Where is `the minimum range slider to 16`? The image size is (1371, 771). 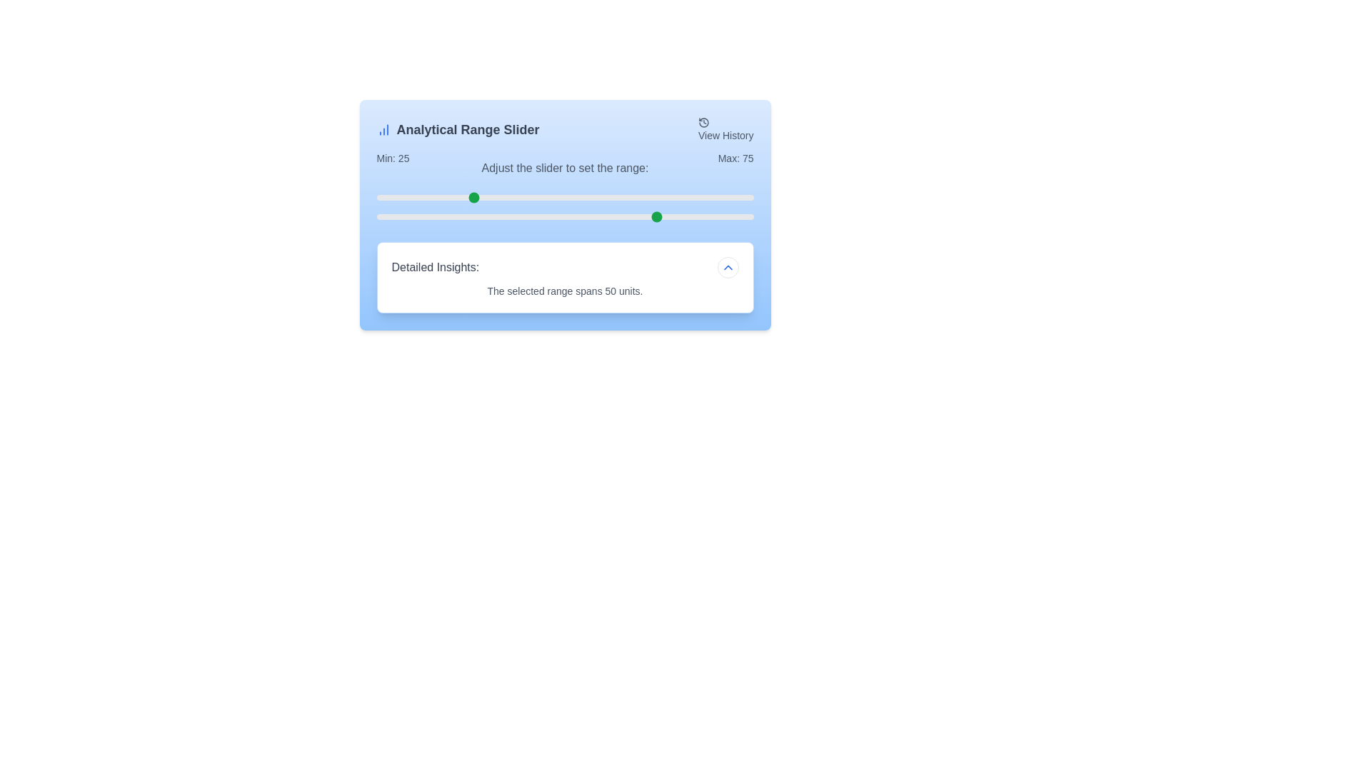
the minimum range slider to 16 is located at coordinates (436, 198).